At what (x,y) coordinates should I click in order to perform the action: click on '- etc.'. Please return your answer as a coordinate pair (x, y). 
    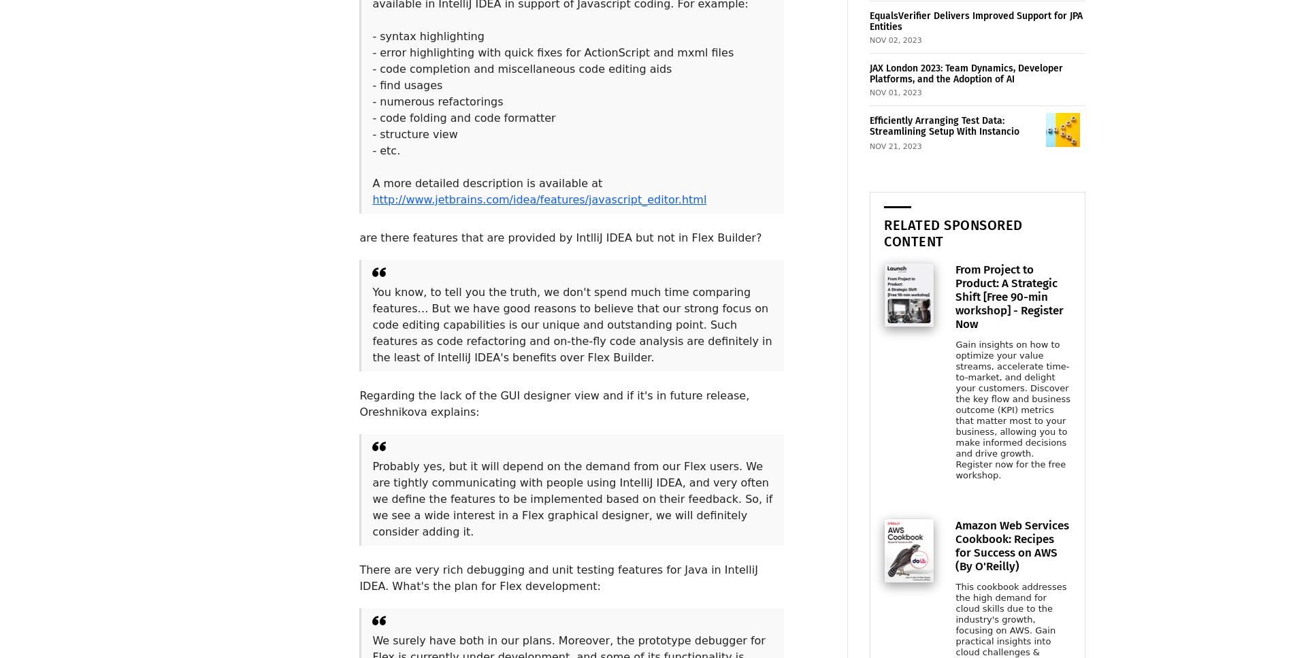
    Looking at the image, I should click on (386, 150).